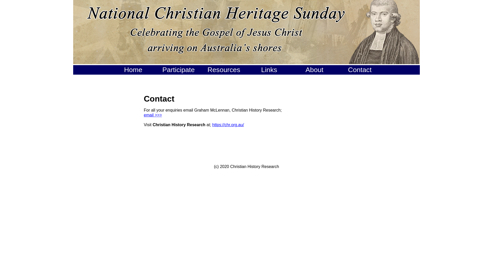 The width and height of the screenshot is (493, 277). I want to click on 'Home', so click(133, 70).